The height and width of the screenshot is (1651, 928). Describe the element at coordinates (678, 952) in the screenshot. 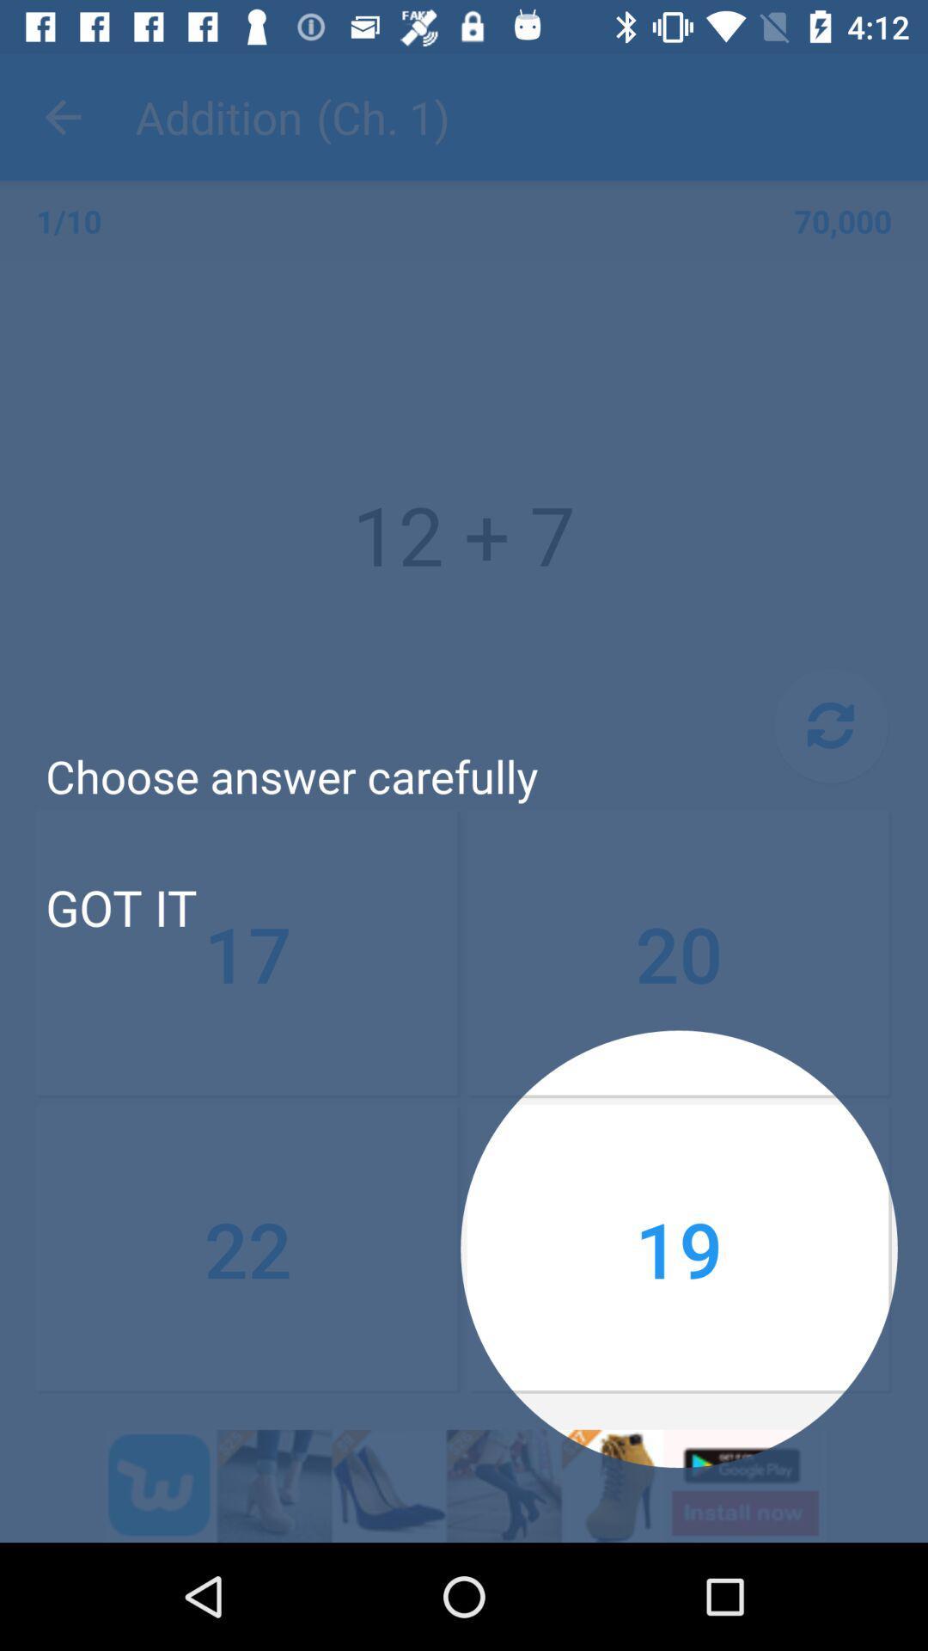

I see `the number which is above 19` at that location.